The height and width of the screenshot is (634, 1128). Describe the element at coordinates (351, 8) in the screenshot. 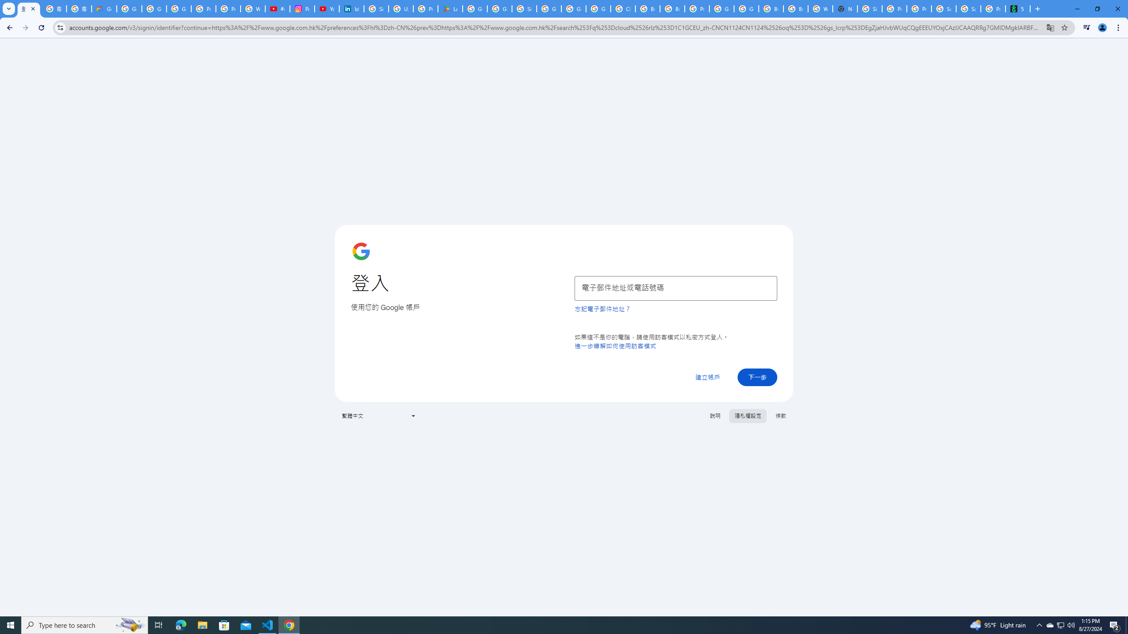

I see `'Identity verification via Persona | LinkedIn Help'` at that location.